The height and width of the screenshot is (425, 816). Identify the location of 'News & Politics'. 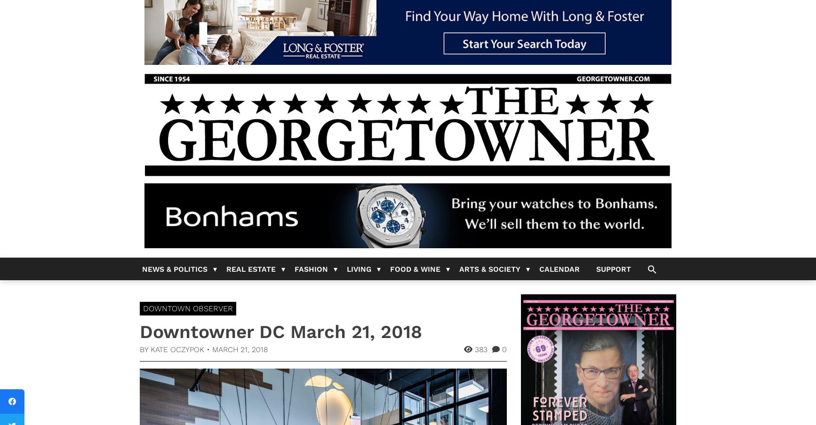
(175, 268).